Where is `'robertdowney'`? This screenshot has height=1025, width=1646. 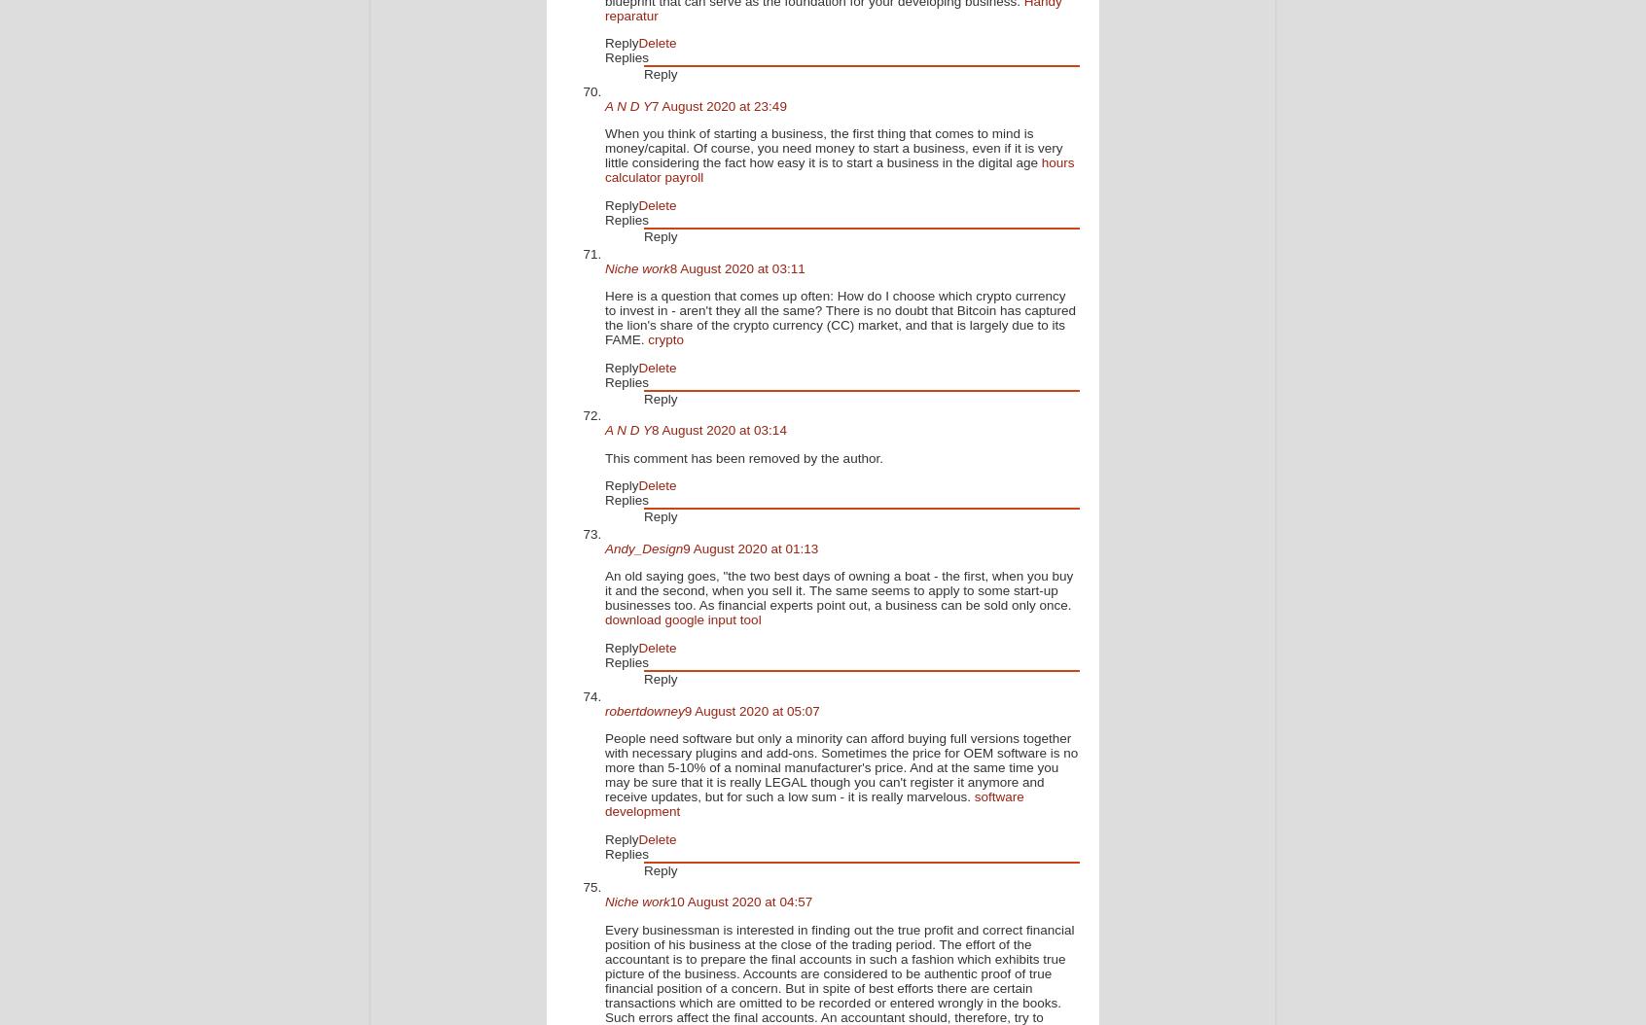 'robertdowney' is located at coordinates (603, 709).